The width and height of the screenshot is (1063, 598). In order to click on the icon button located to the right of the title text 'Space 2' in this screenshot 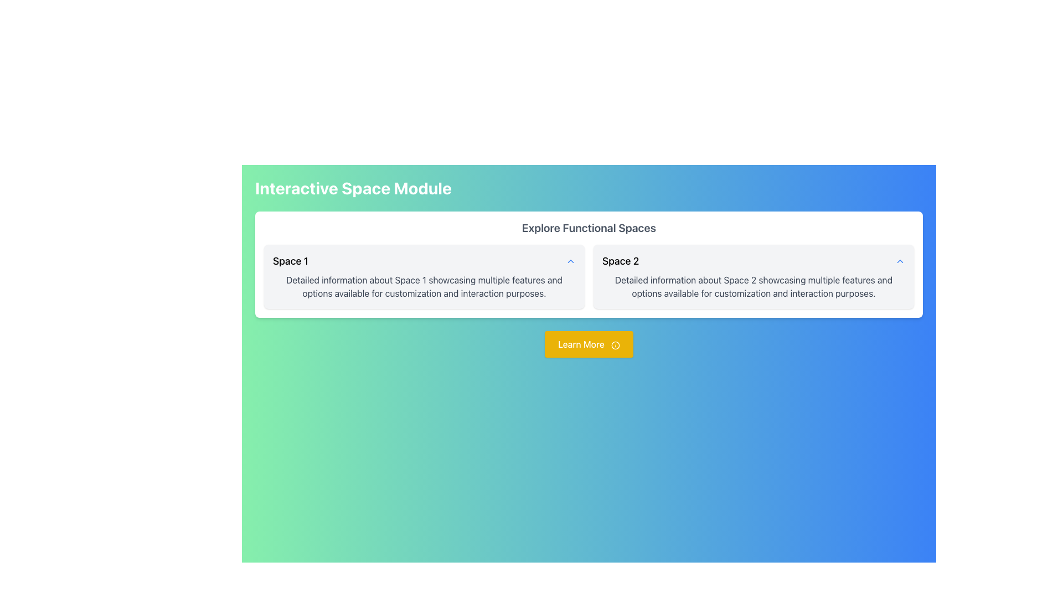, I will do `click(900, 261)`.